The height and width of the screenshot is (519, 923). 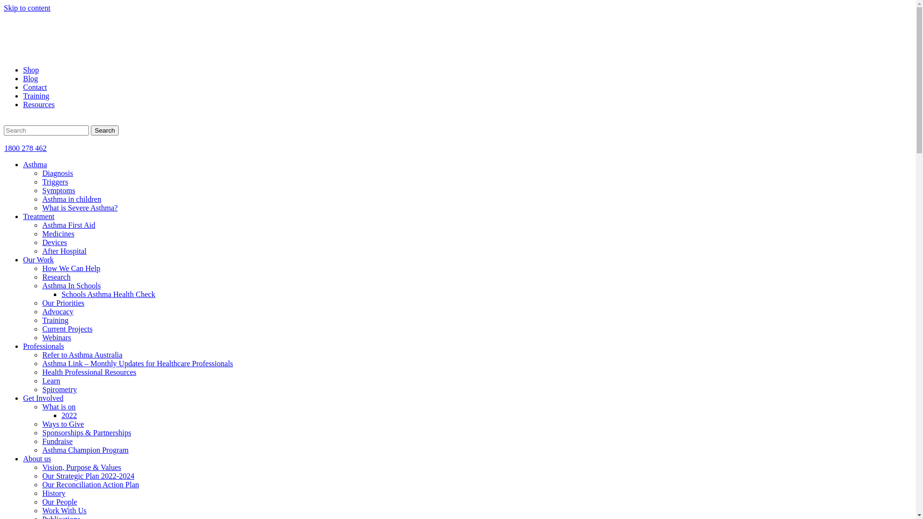 What do you see at coordinates (85, 450) in the screenshot?
I see `'Asthma Champion Program'` at bounding box center [85, 450].